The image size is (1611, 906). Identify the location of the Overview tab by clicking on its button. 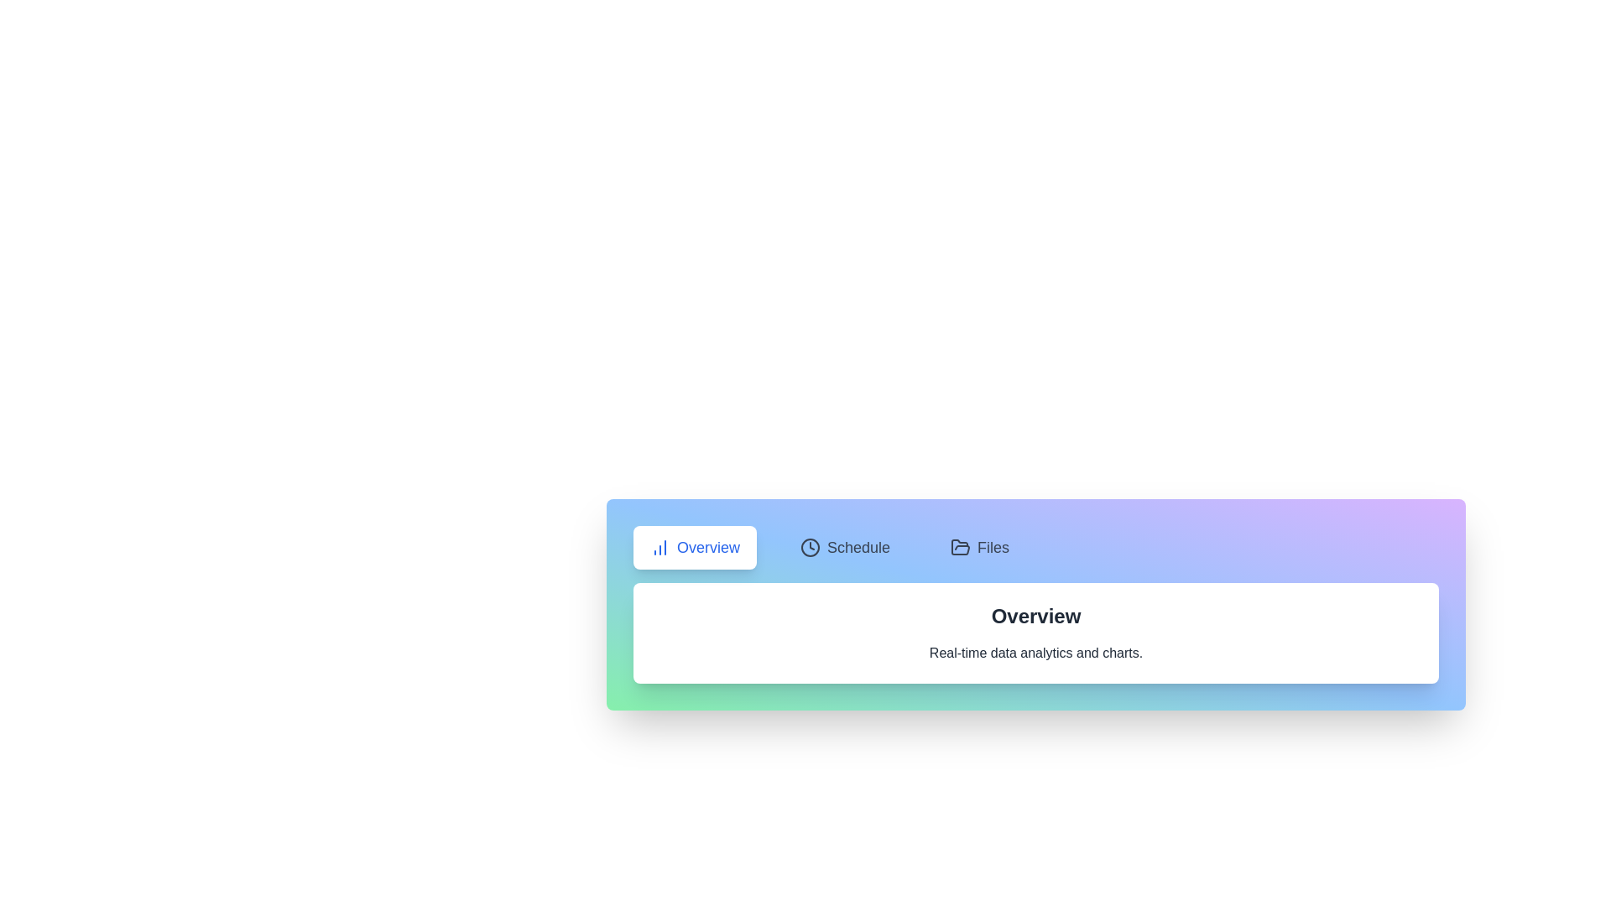
(695, 547).